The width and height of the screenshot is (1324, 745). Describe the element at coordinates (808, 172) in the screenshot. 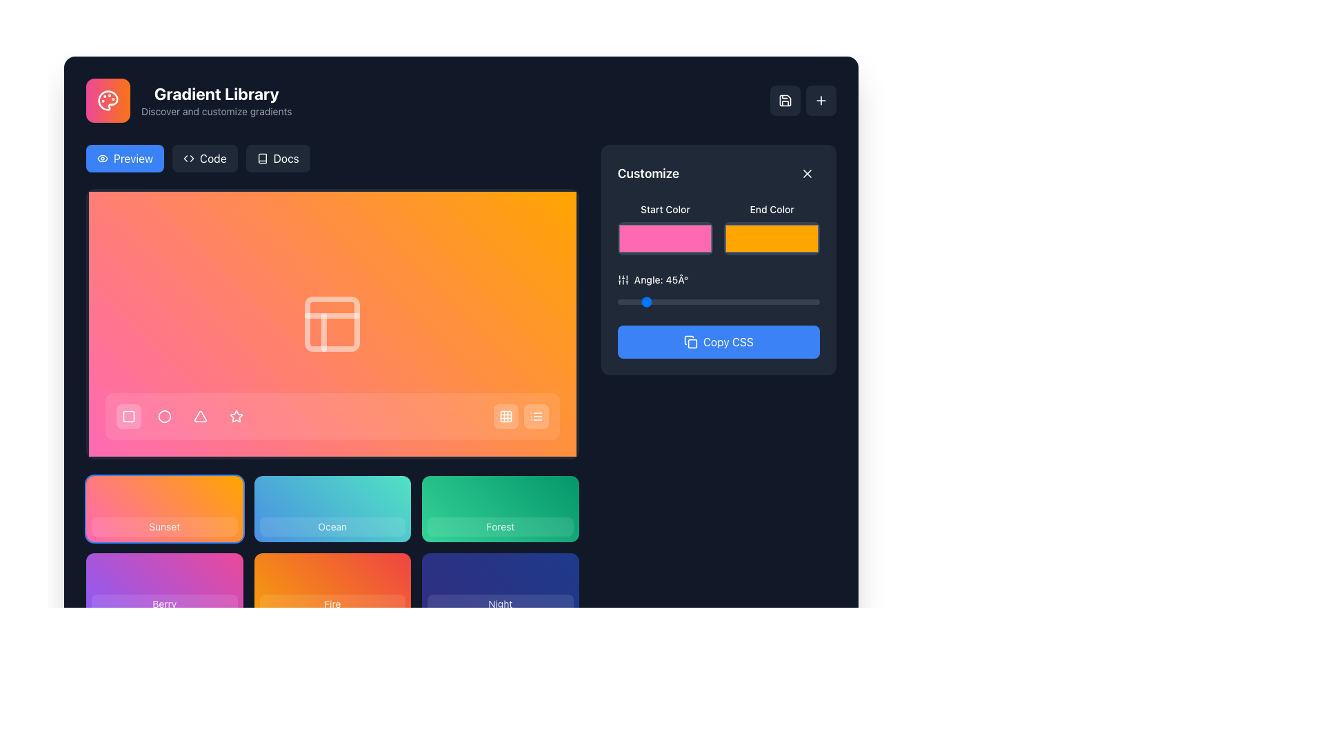

I see `the Close Button located at the top-right corner of the 'Customize' panel` at that location.